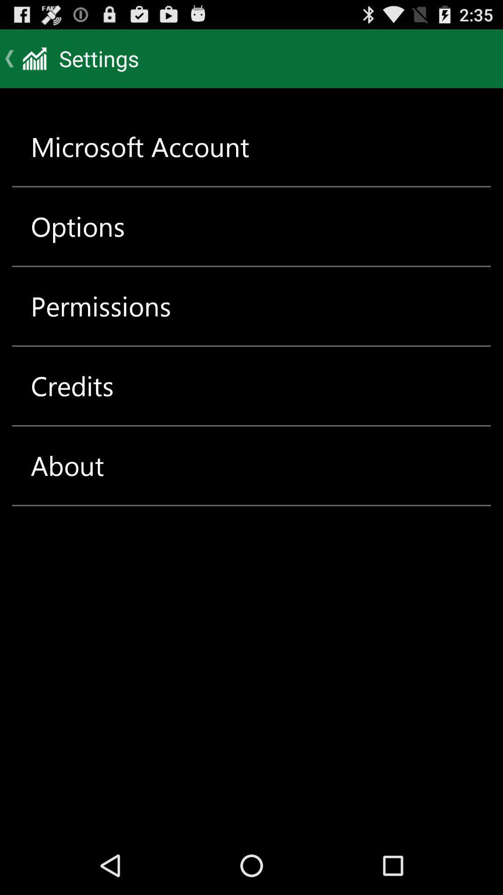  Describe the element at coordinates (140, 146) in the screenshot. I see `the microsoft account` at that location.